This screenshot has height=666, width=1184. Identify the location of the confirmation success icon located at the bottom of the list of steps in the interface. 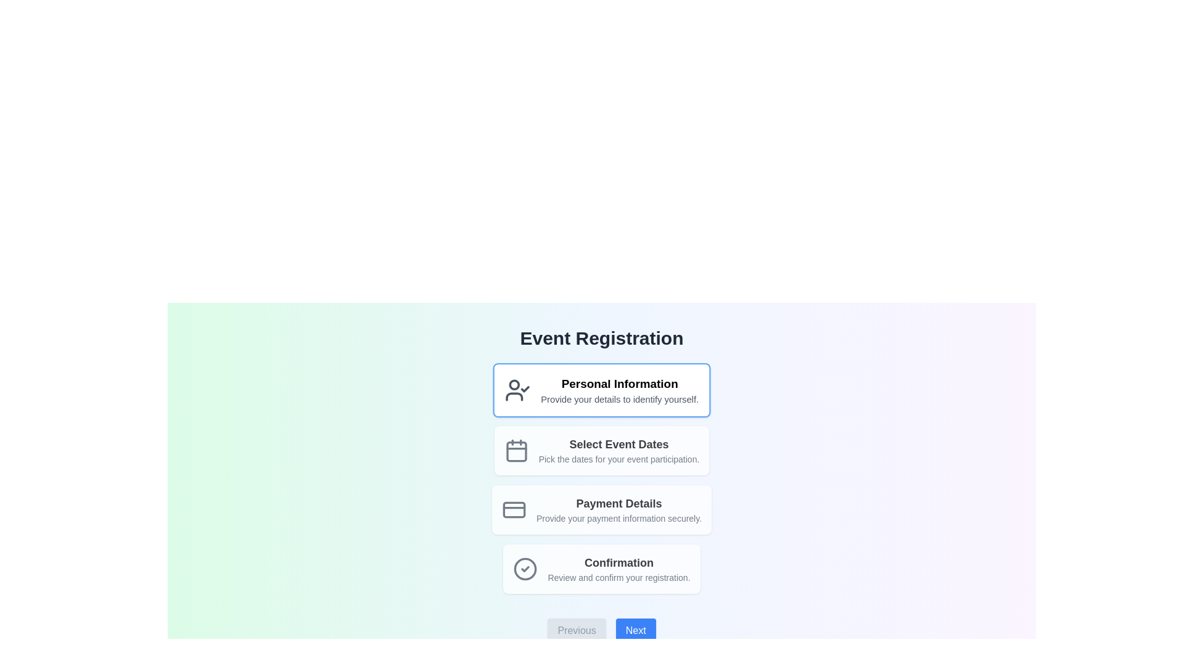
(525, 569).